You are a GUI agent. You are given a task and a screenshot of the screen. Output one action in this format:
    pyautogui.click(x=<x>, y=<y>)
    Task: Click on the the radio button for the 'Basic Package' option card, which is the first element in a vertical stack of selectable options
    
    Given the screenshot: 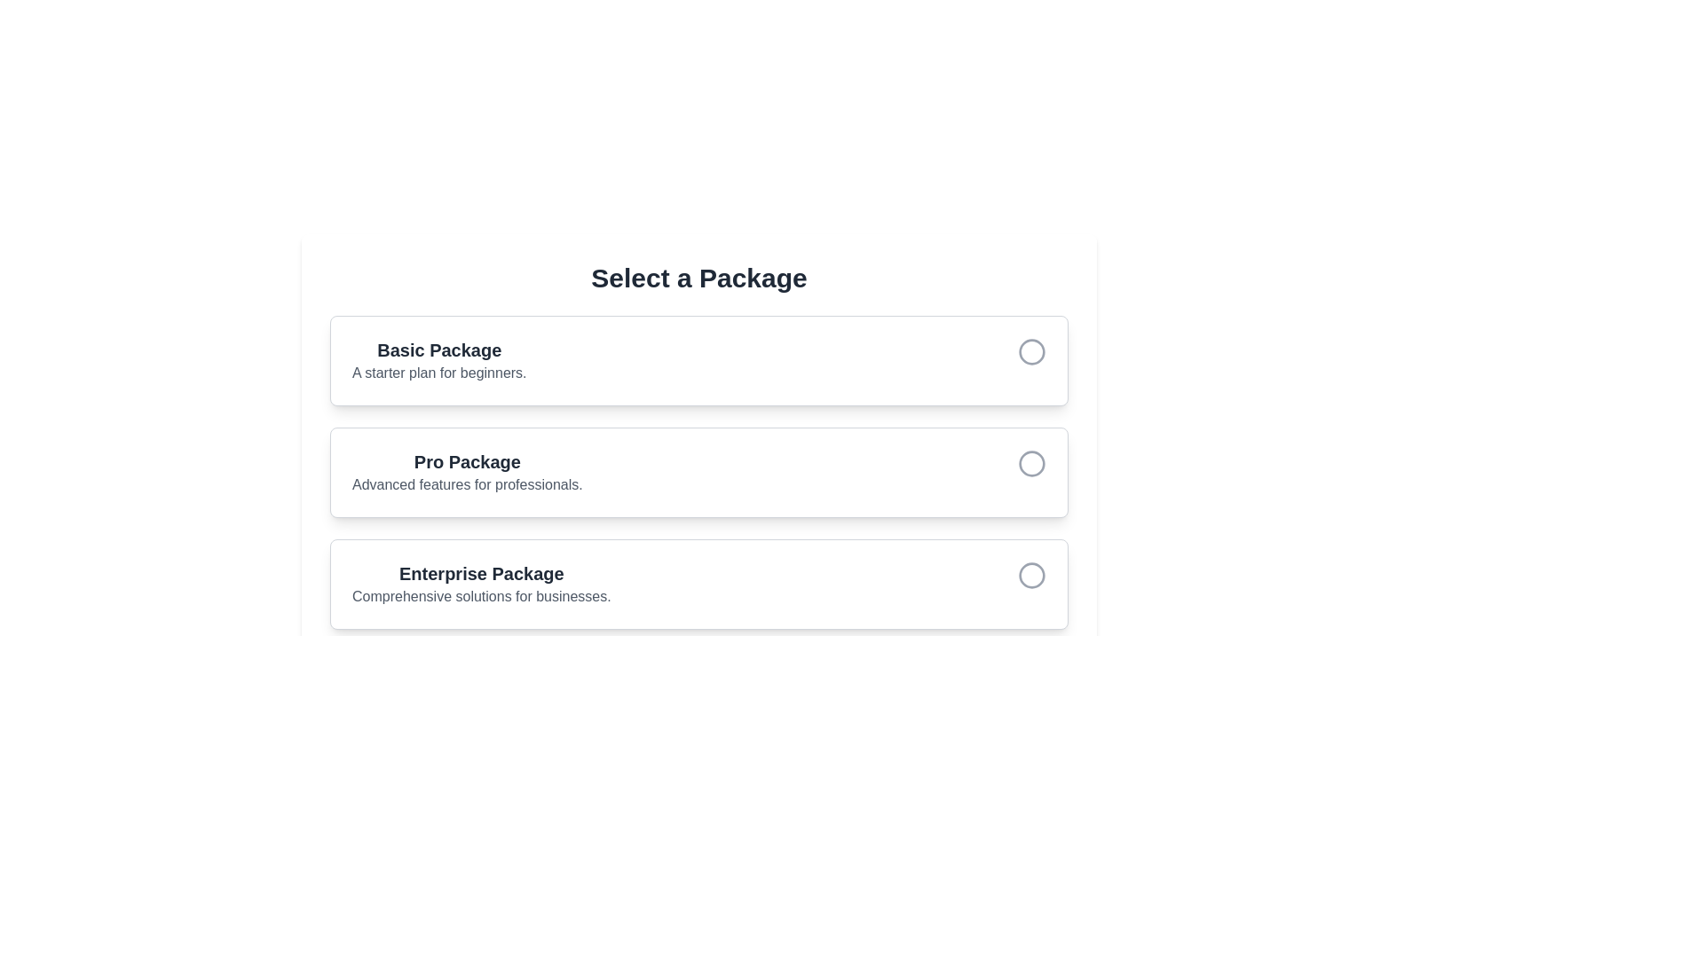 What is the action you would take?
    pyautogui.click(x=698, y=360)
    